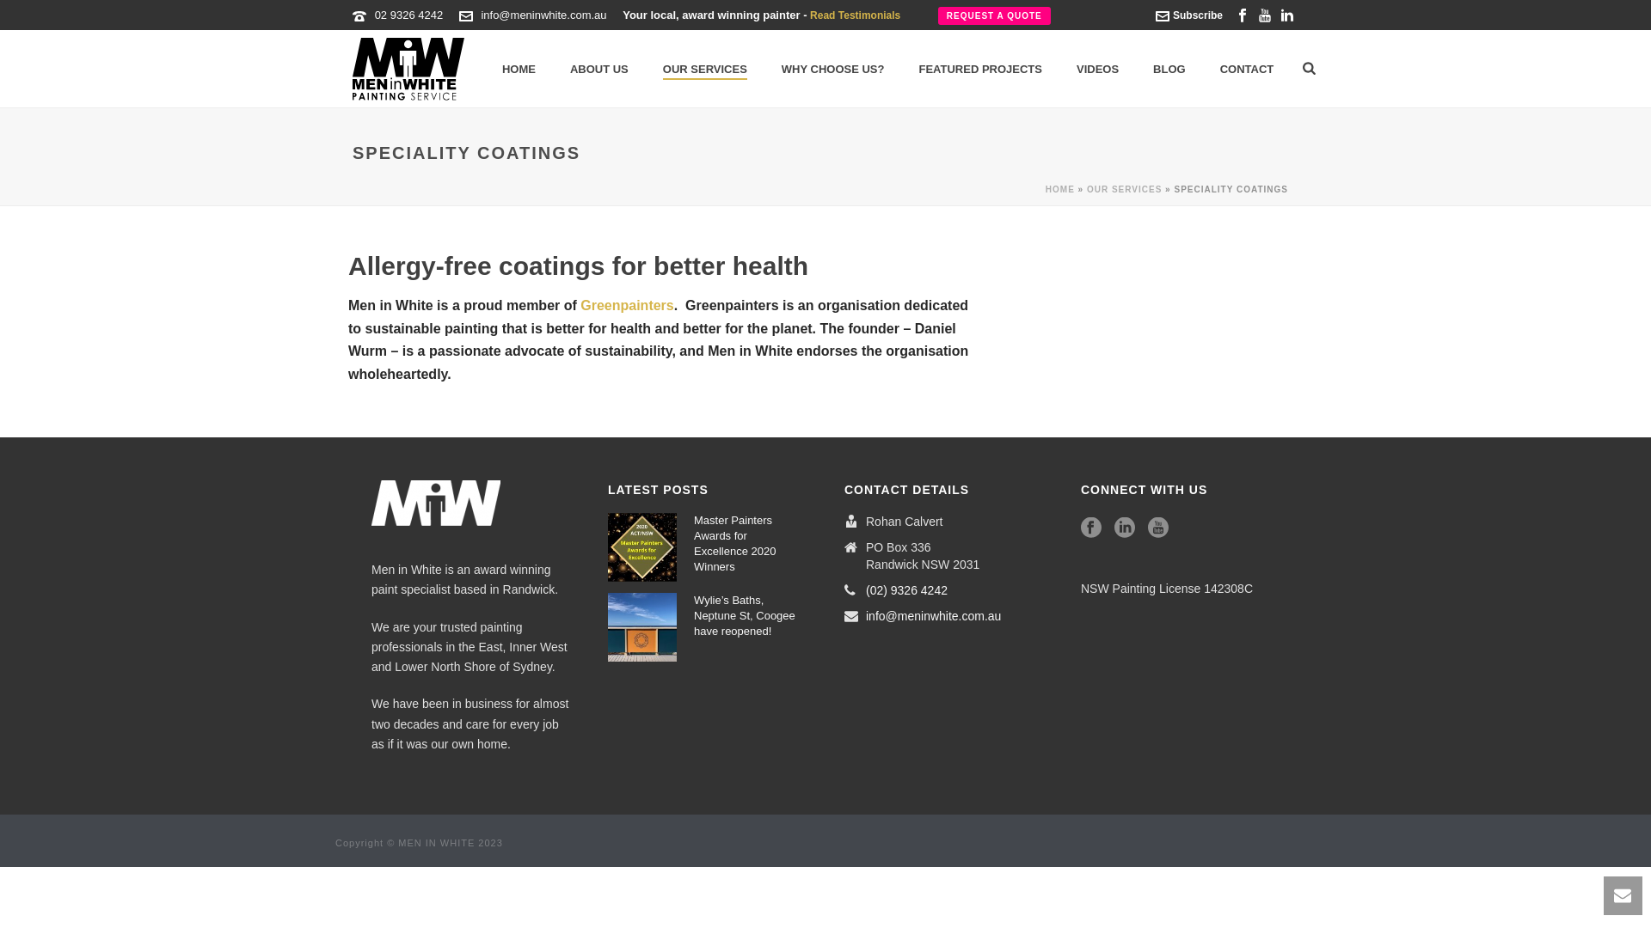 The image size is (1651, 928). Describe the element at coordinates (855, 15) in the screenshot. I see `'Read Testimonials'` at that location.